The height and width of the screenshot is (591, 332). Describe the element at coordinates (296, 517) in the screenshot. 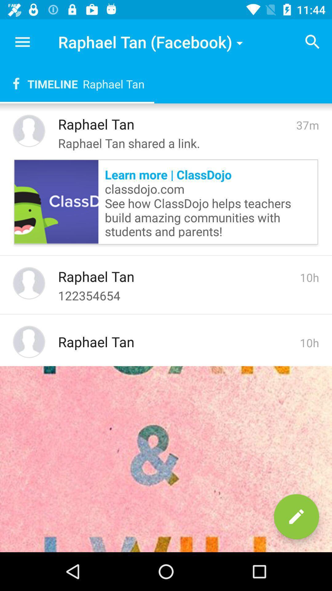

I see `the edit icon` at that location.